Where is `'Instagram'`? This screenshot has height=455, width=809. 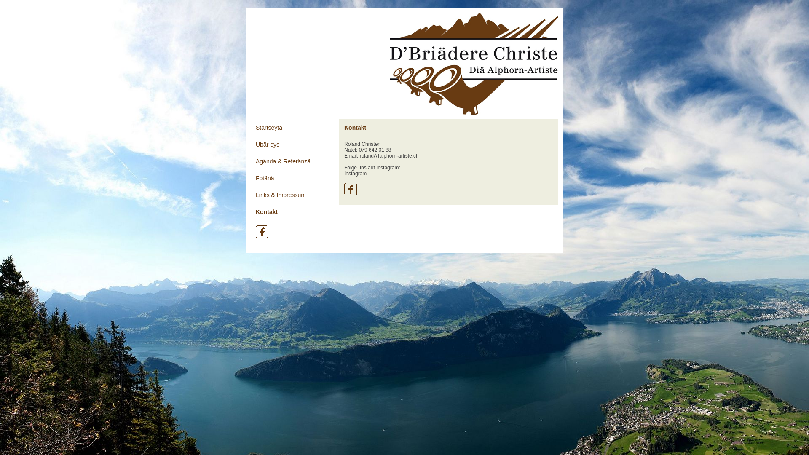
'Instagram' is located at coordinates (355, 173).